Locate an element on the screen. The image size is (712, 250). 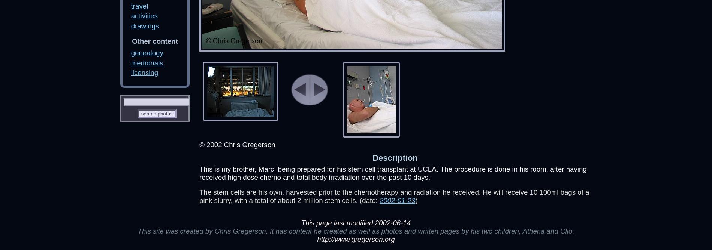
'Other content' is located at coordinates (154, 41).